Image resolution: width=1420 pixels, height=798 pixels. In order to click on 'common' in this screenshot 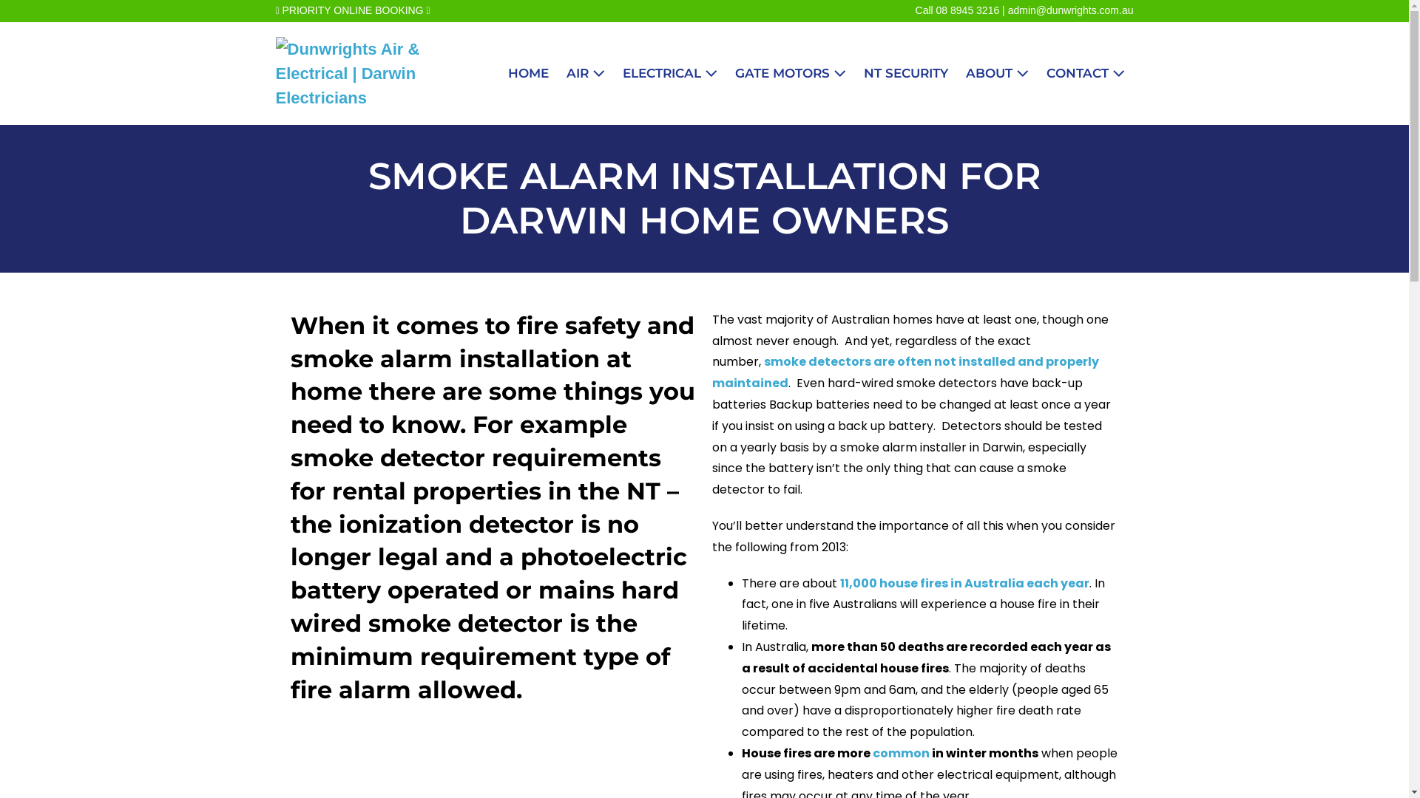, I will do `click(900, 753)`.